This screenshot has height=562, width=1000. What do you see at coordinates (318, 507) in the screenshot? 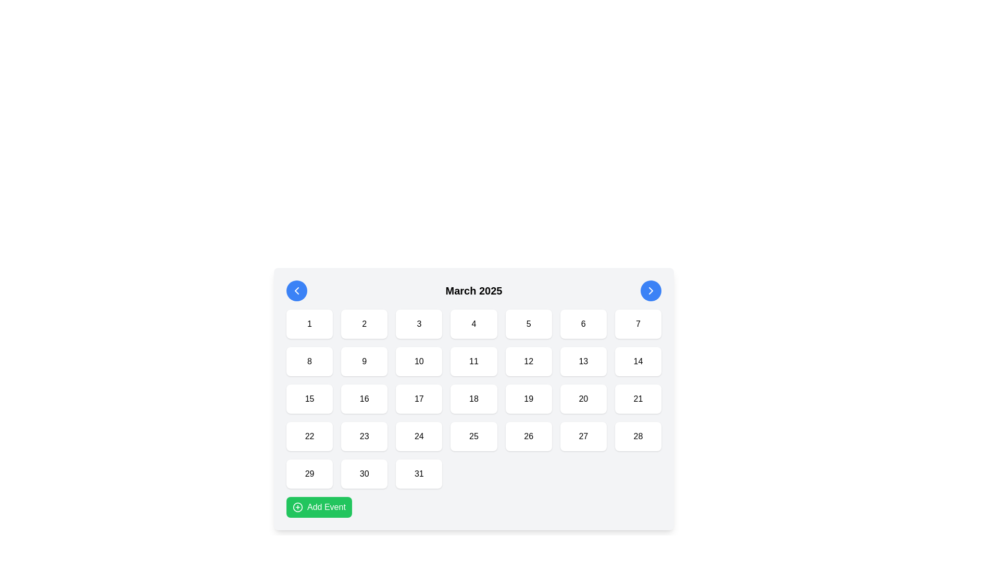
I see `the 'Add Event' button, which is a green rectangular button with white text and a plus sign icon, located near the bottom-left corner of the calendar interface` at bounding box center [318, 507].